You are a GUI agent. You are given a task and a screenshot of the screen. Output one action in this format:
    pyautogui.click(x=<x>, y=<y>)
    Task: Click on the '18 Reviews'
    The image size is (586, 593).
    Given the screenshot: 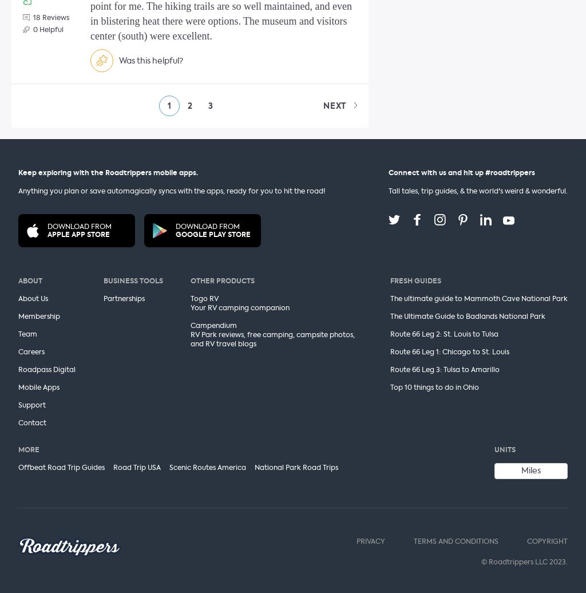 What is the action you would take?
    pyautogui.click(x=51, y=17)
    